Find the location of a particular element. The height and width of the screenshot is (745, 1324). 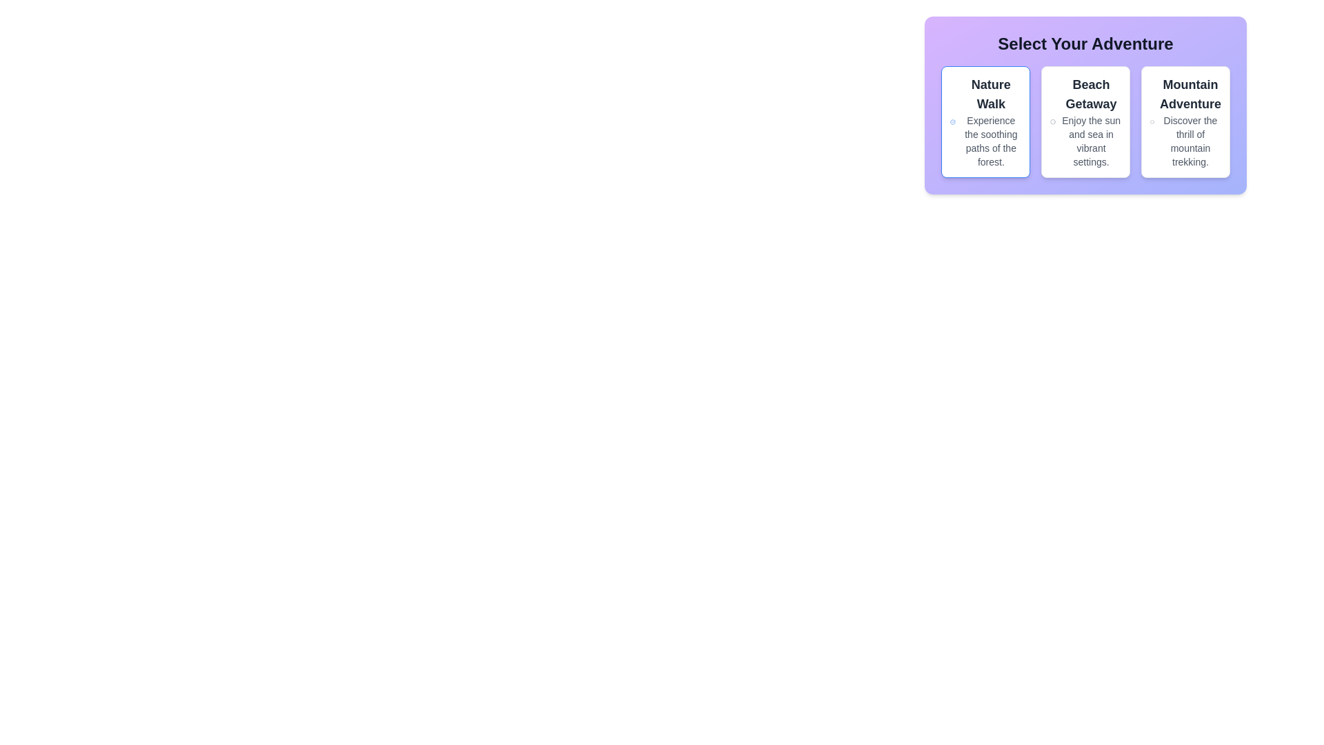

descriptive text block titled 'Nature Walk' that includes the description 'Experience the soothing paths of the forest.' is located at coordinates (990, 121).